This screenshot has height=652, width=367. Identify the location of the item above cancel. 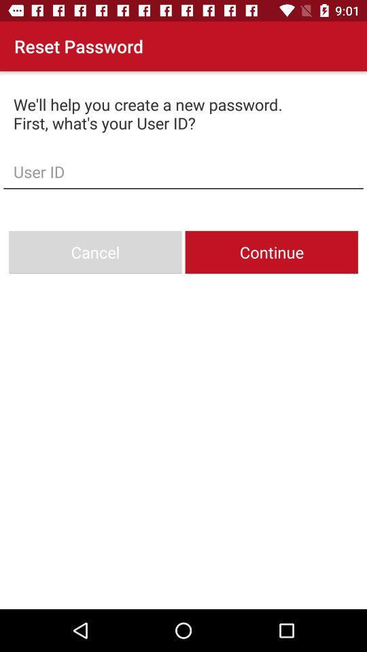
(183, 170).